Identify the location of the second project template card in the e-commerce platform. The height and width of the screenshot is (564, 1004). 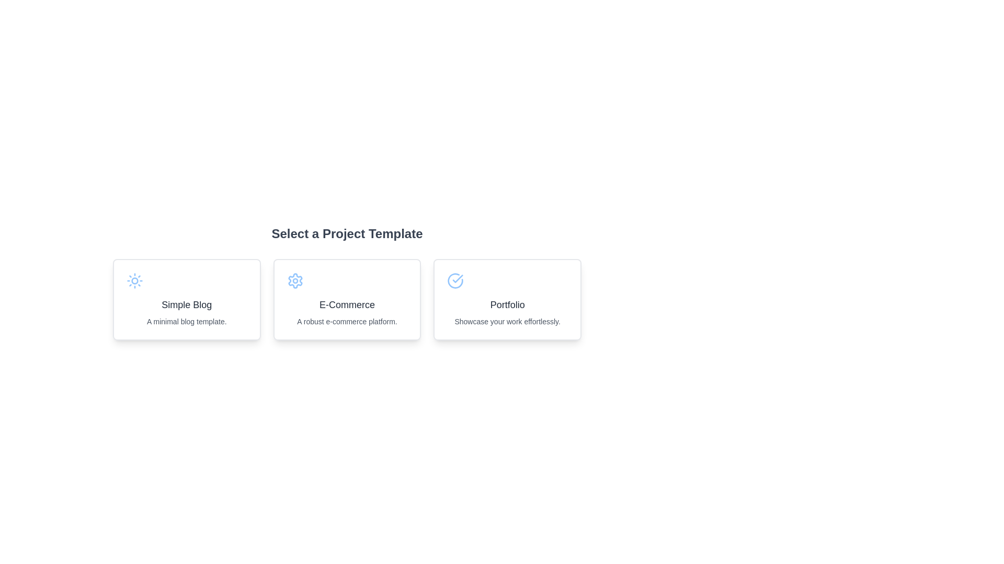
(347, 300).